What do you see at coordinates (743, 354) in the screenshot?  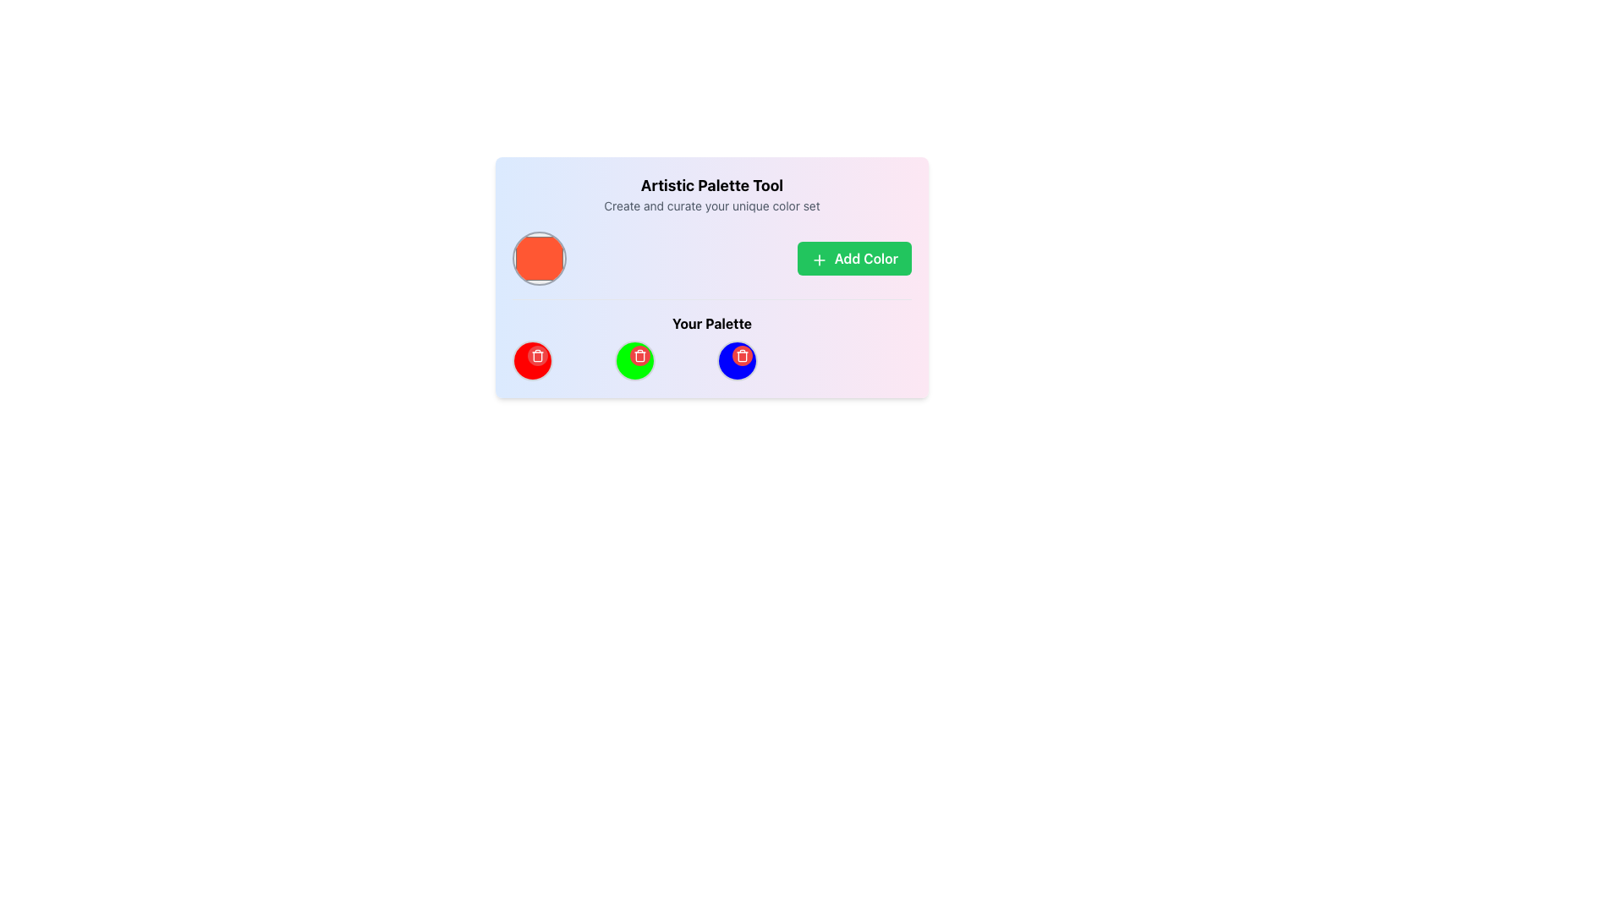 I see `the circular delete button featuring a white trash can icon on a blue background` at bounding box center [743, 354].